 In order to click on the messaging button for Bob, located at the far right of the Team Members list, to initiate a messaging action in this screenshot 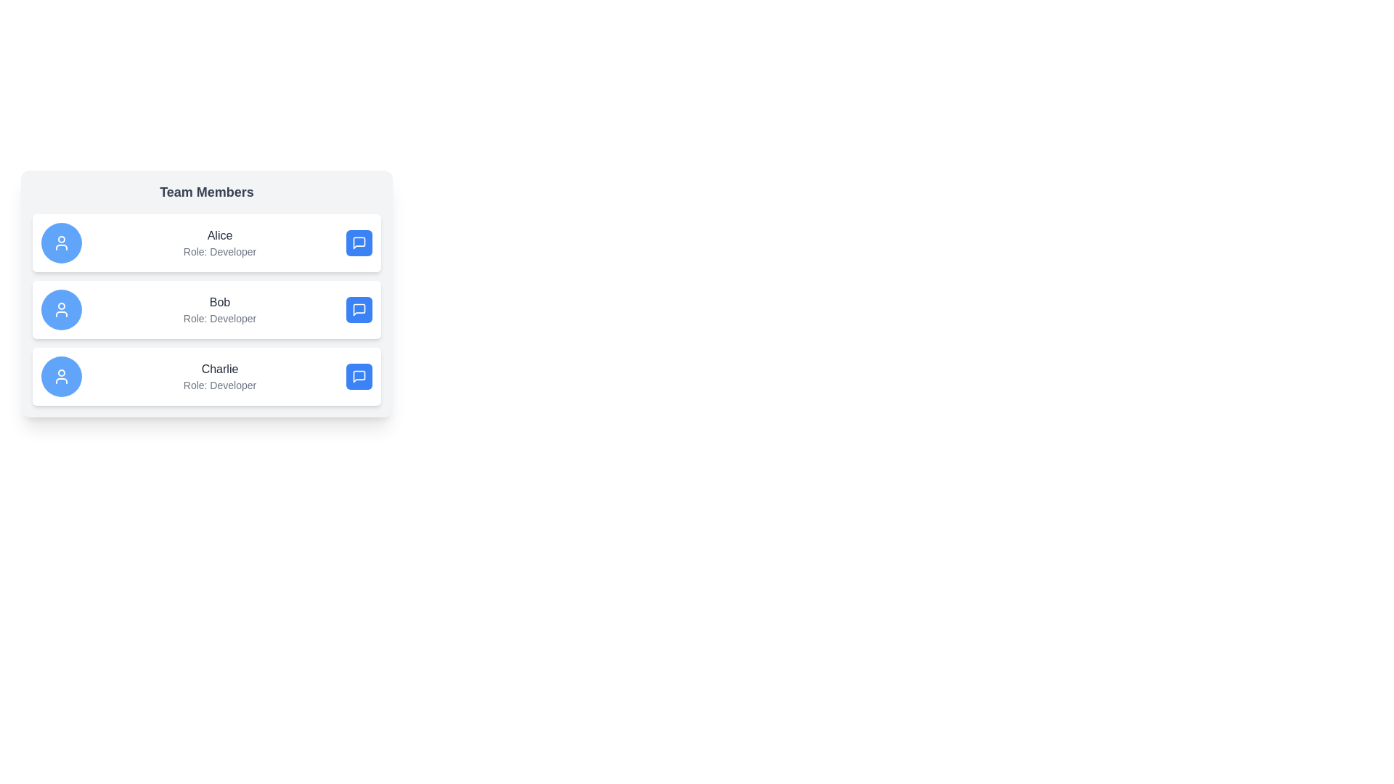, I will do `click(359, 309)`.